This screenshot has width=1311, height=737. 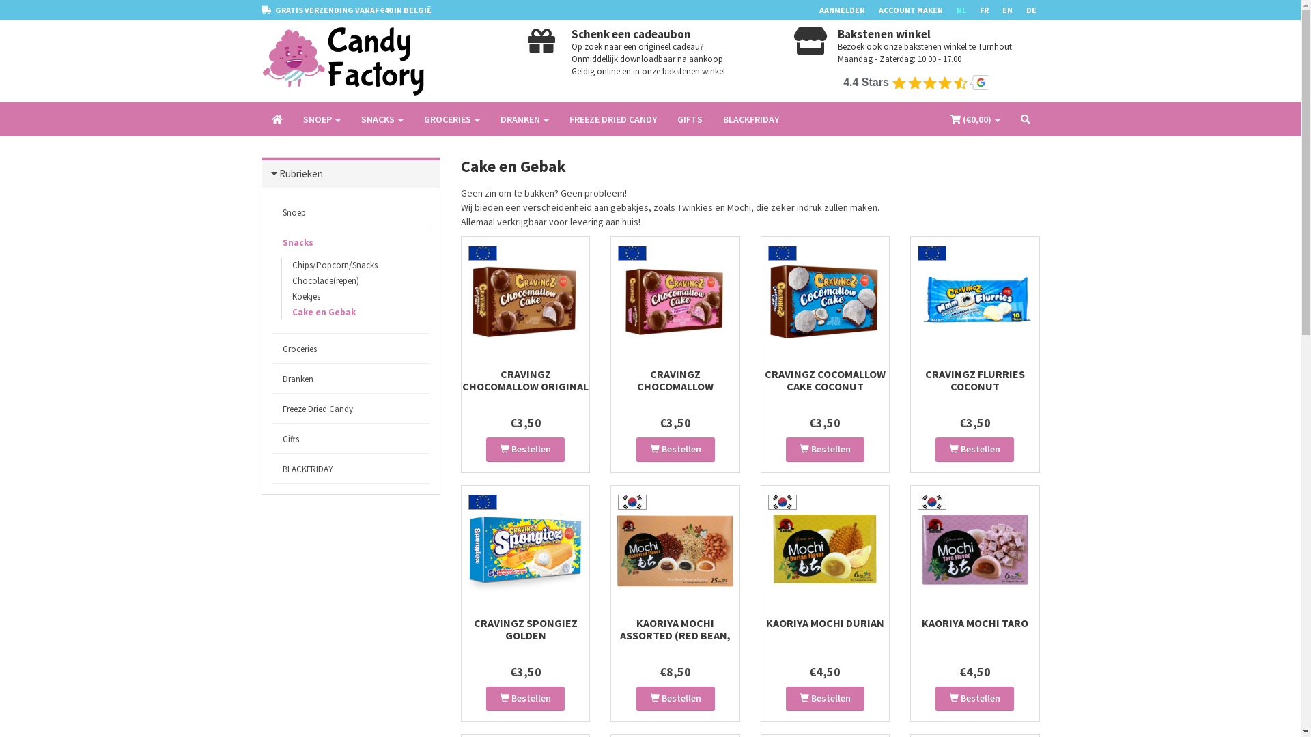 I want to click on 'FR', so click(x=990, y=10).